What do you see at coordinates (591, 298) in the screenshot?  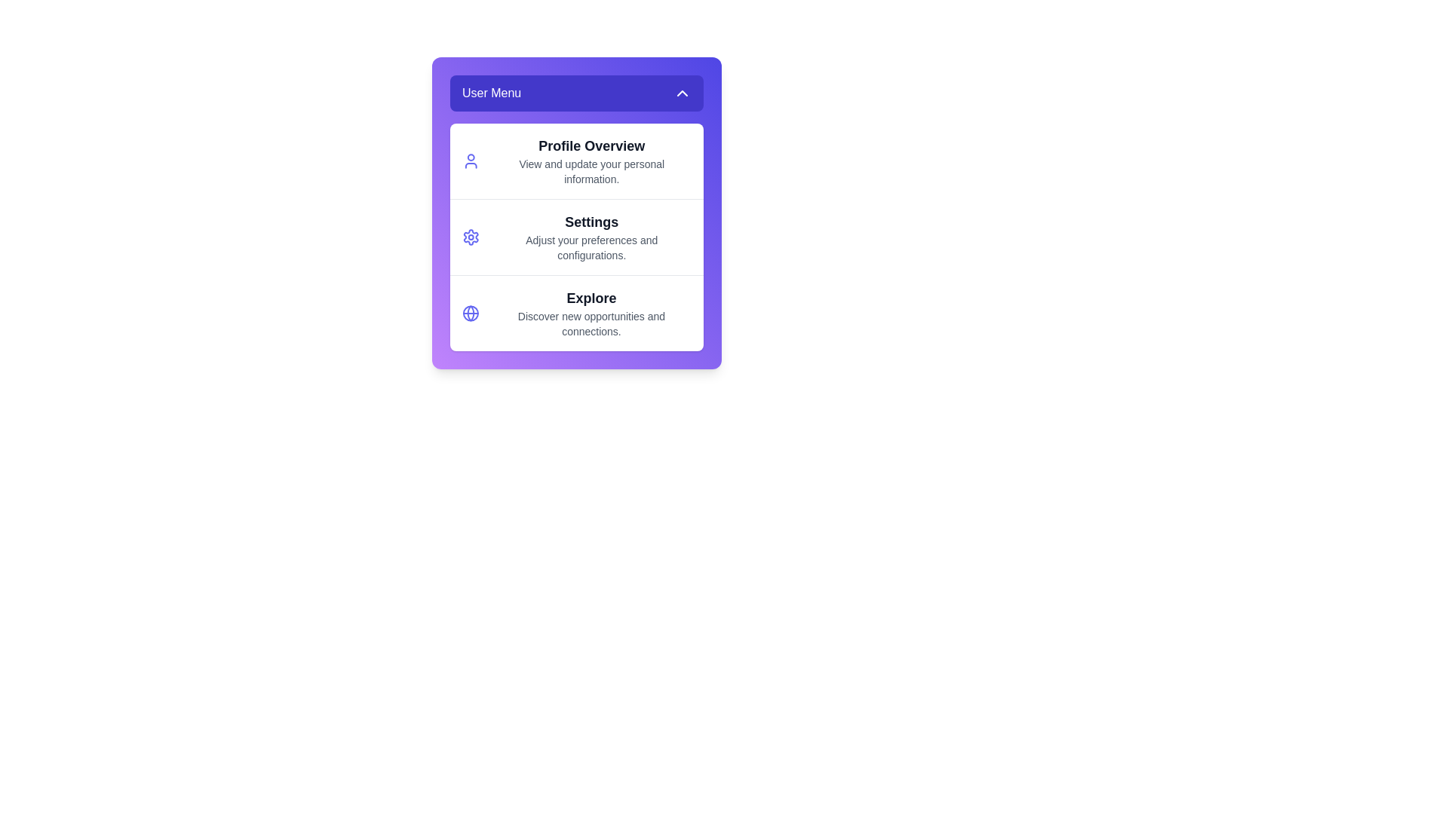 I see `the 'Explore' text label, which is a bold and larger font, located in the middle section of a purple-framed user menu, positioned below the 'Settings' label` at bounding box center [591, 298].